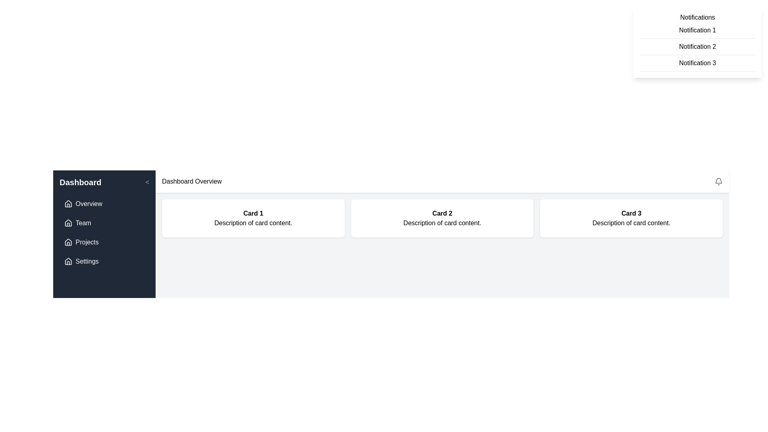 This screenshot has width=768, height=432. What do you see at coordinates (253, 213) in the screenshot?
I see `the text 'Card 1' which is styled in bold and located inside the leftmost card of the dashboard overview section` at bounding box center [253, 213].